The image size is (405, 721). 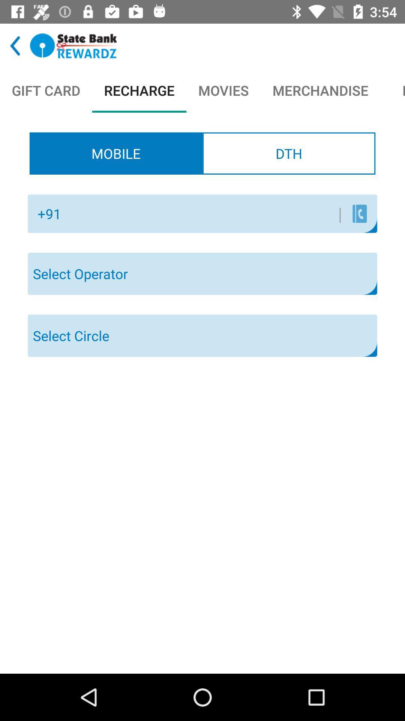 I want to click on the icon next to the |, so click(x=359, y=213).